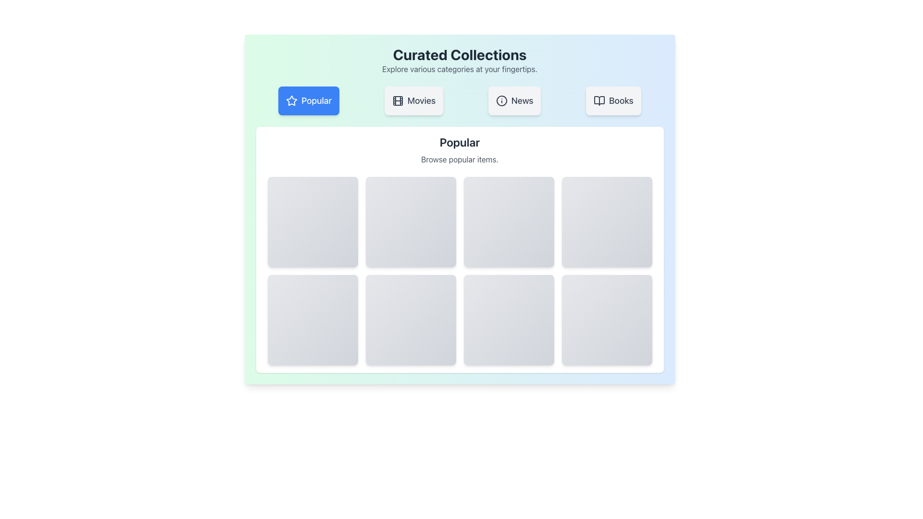 This screenshot has width=923, height=519. I want to click on the 'Popular' text label within the blue rounded rectangular button, so click(316, 100).